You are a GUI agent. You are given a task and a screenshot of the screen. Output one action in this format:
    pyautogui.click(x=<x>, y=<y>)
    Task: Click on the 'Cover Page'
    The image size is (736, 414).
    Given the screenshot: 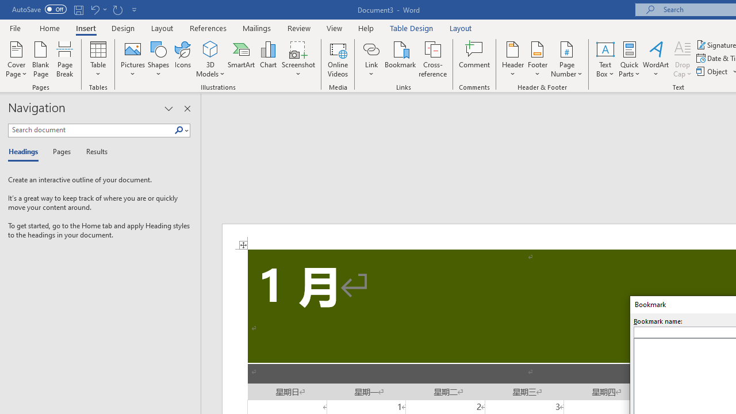 What is the action you would take?
    pyautogui.click(x=16, y=59)
    